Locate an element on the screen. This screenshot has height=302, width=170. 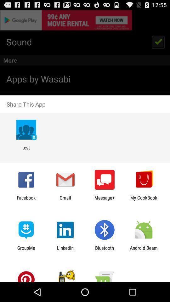
item next to message+ item is located at coordinates (65, 200).